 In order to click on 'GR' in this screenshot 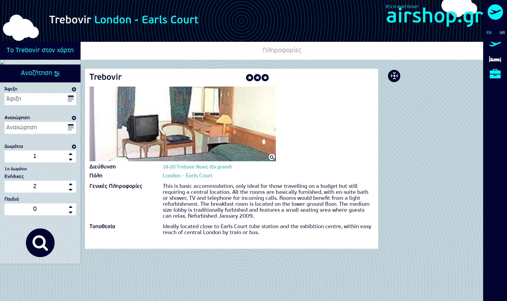, I will do `click(499, 33)`.